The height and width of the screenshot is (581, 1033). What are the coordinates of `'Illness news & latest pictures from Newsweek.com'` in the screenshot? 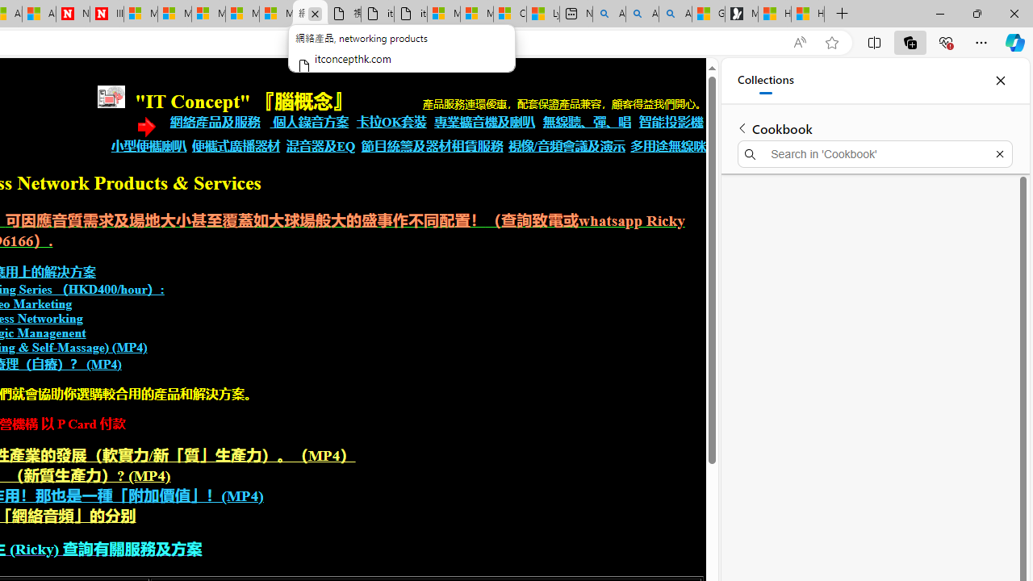 It's located at (106, 14).